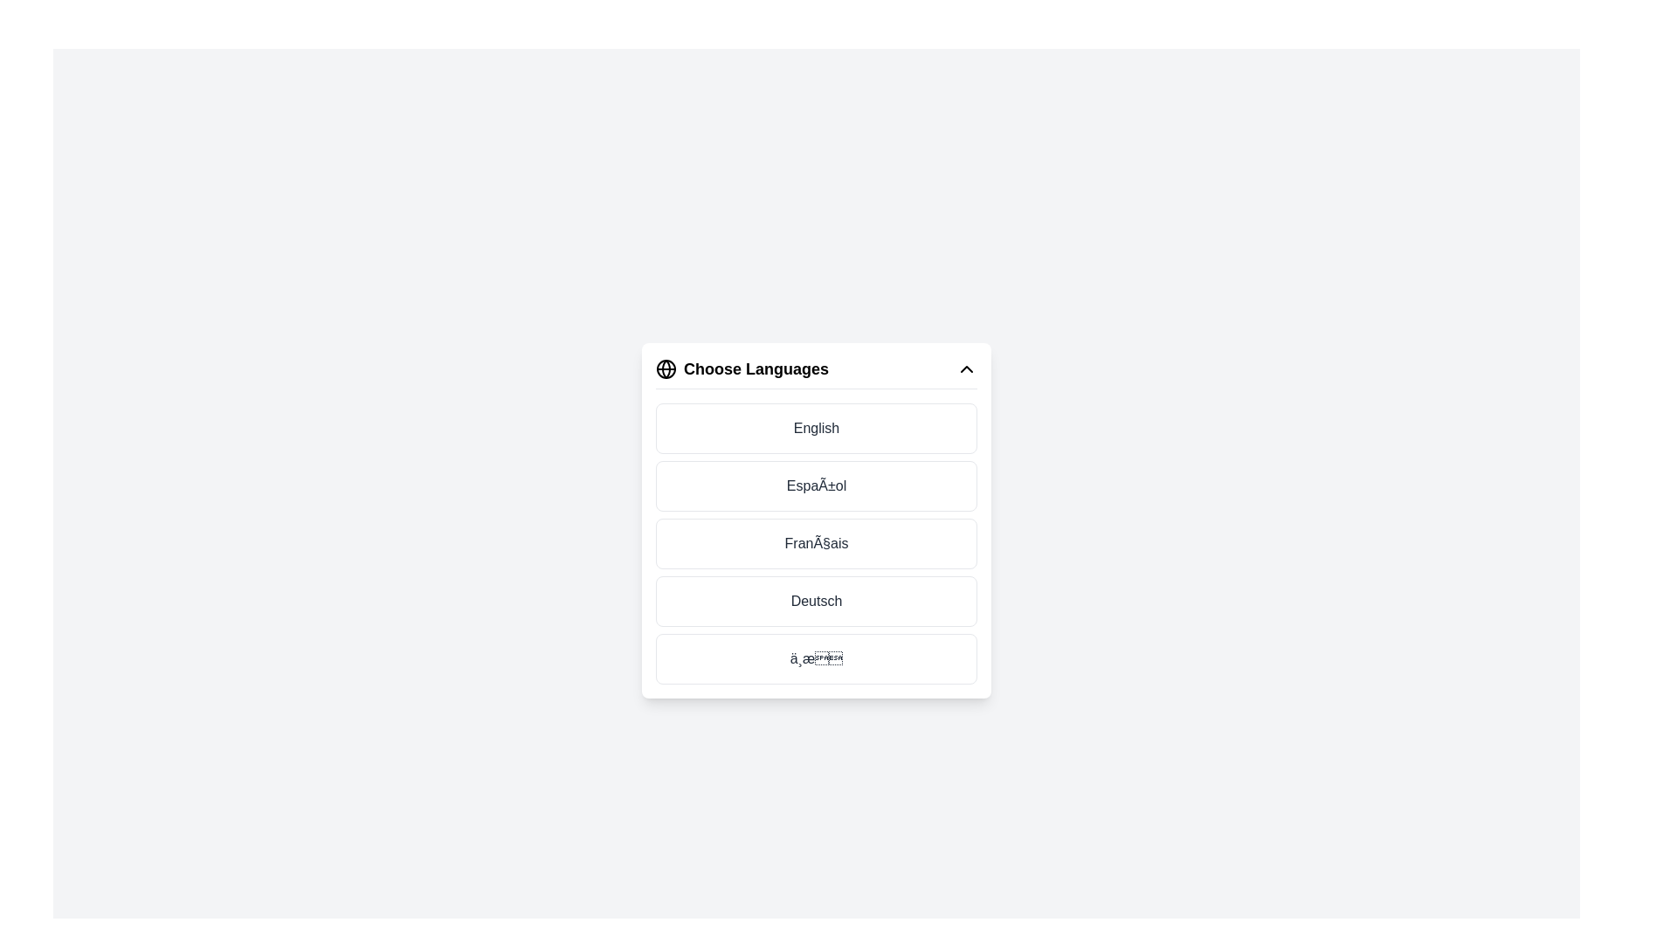 The image size is (1677, 943). What do you see at coordinates (816, 542) in the screenshot?
I see `the language option text label 'Français' which is the third item in the selectable languages list under the header 'Choose Languages'` at bounding box center [816, 542].